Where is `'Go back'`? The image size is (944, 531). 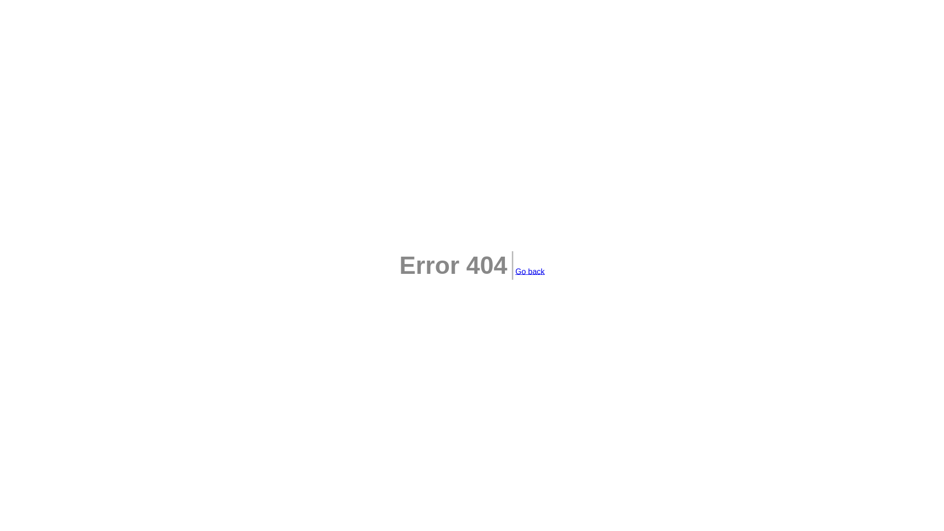
'Go back' is located at coordinates (514, 271).